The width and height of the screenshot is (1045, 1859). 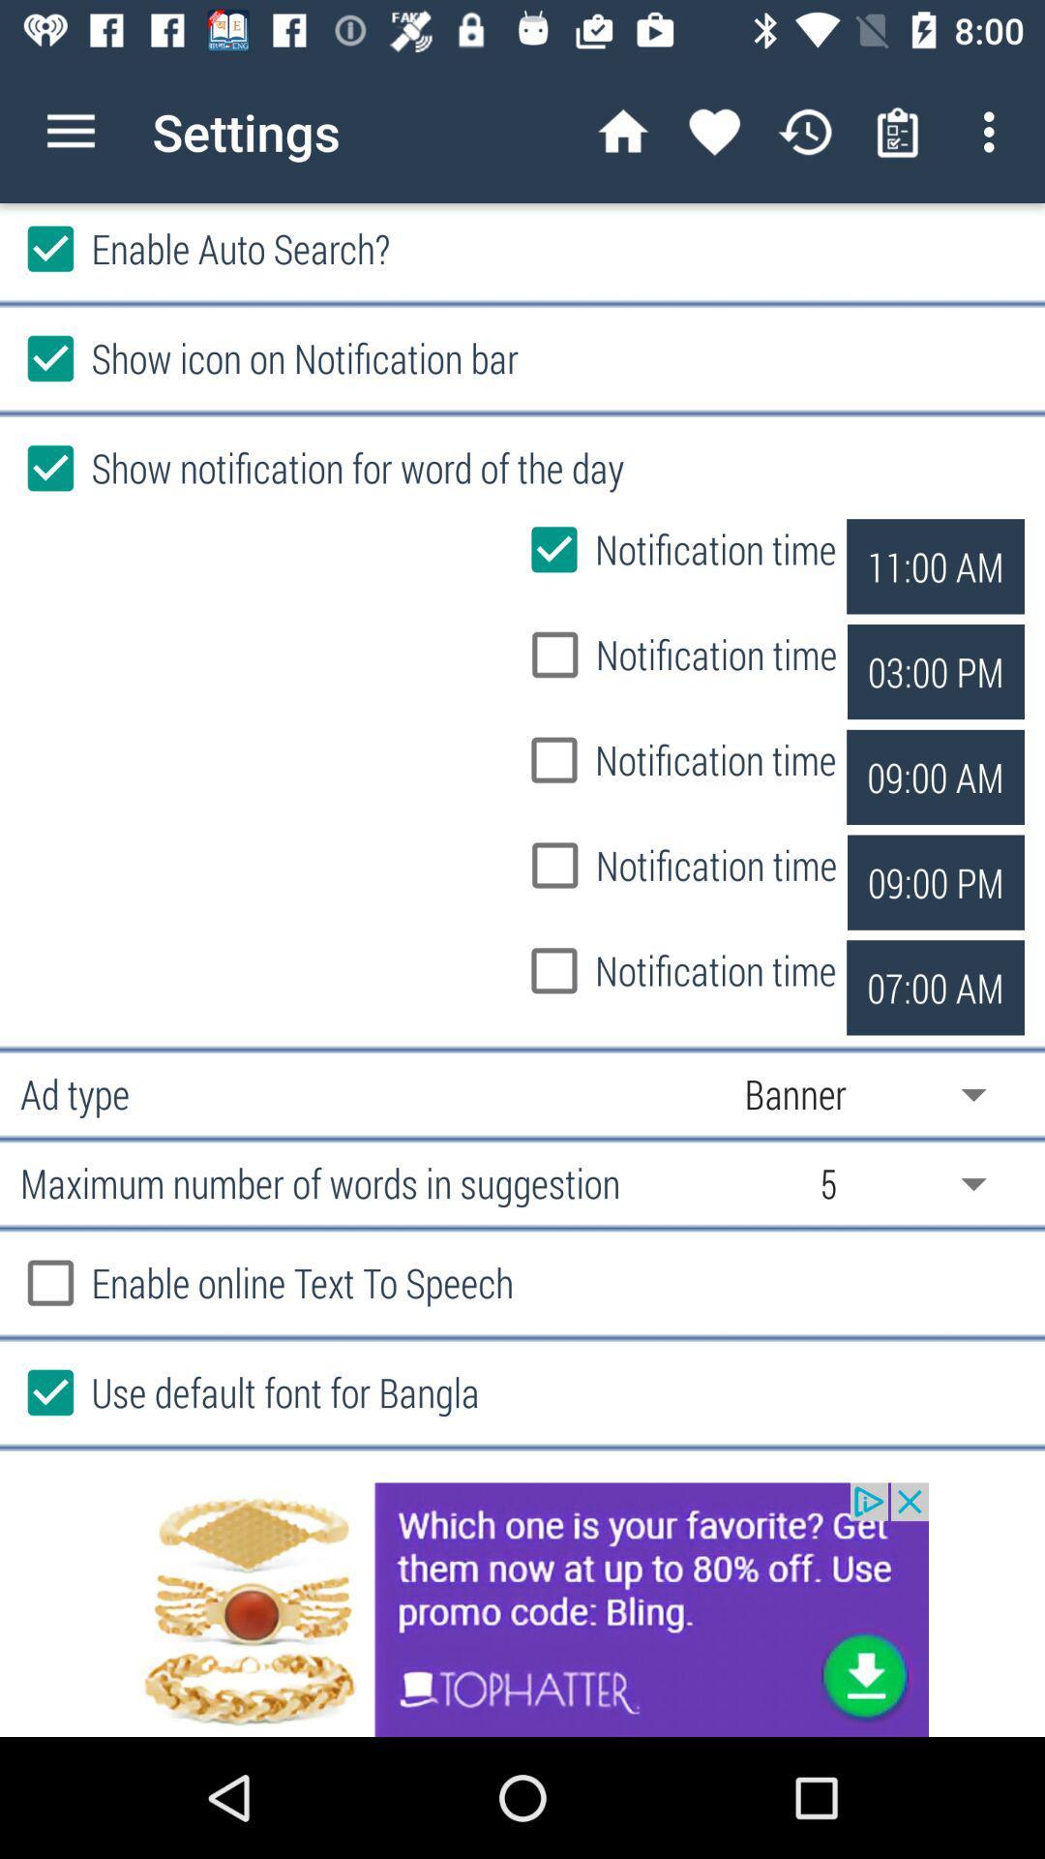 What do you see at coordinates (522, 1609) in the screenshot?
I see `advertisement banner` at bounding box center [522, 1609].